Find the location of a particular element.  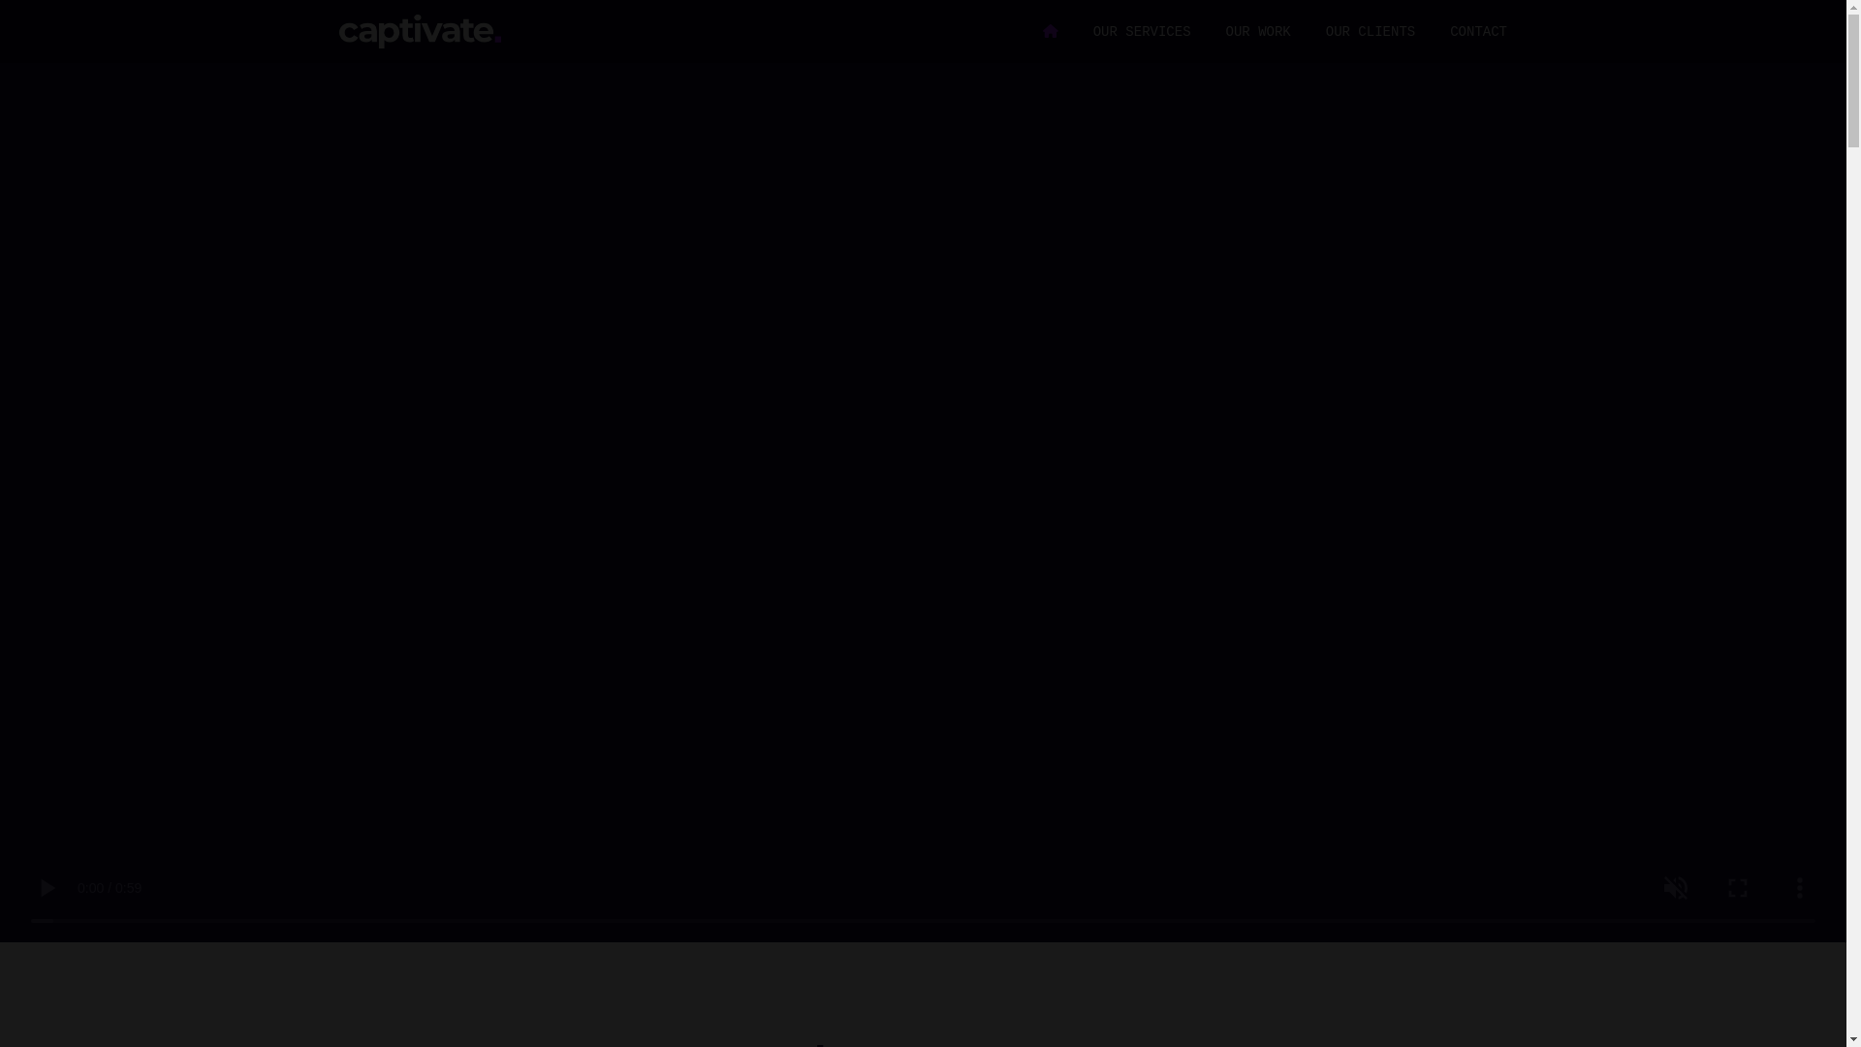

'OUR WORK' is located at coordinates (1258, 32).